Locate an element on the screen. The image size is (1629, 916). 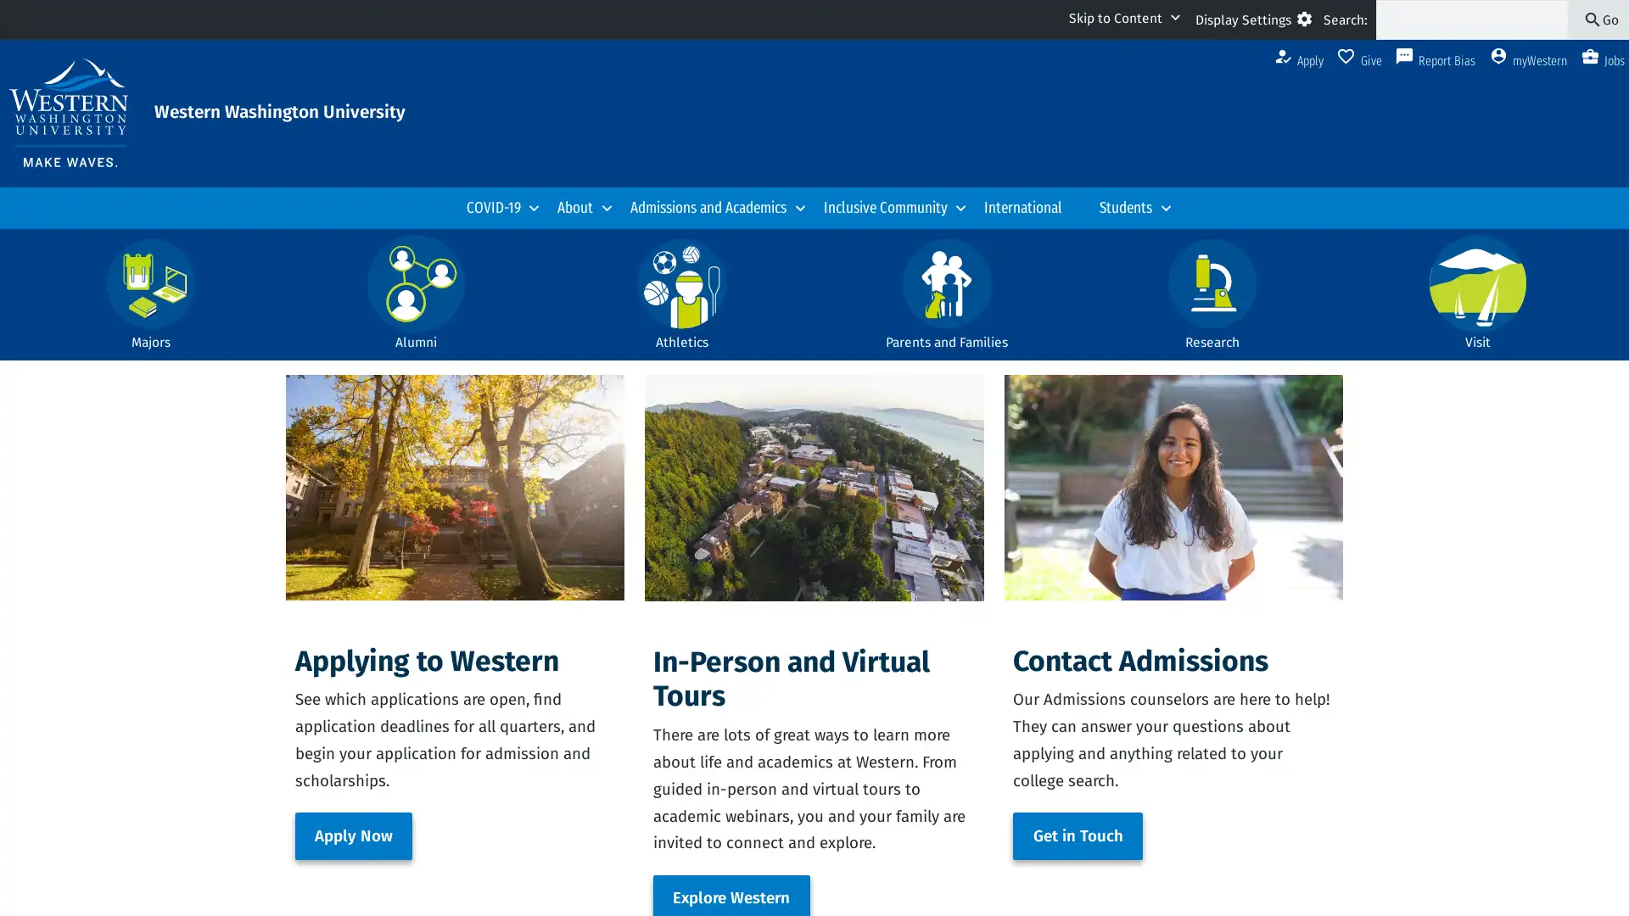
COVID-19 is located at coordinates (496, 207).